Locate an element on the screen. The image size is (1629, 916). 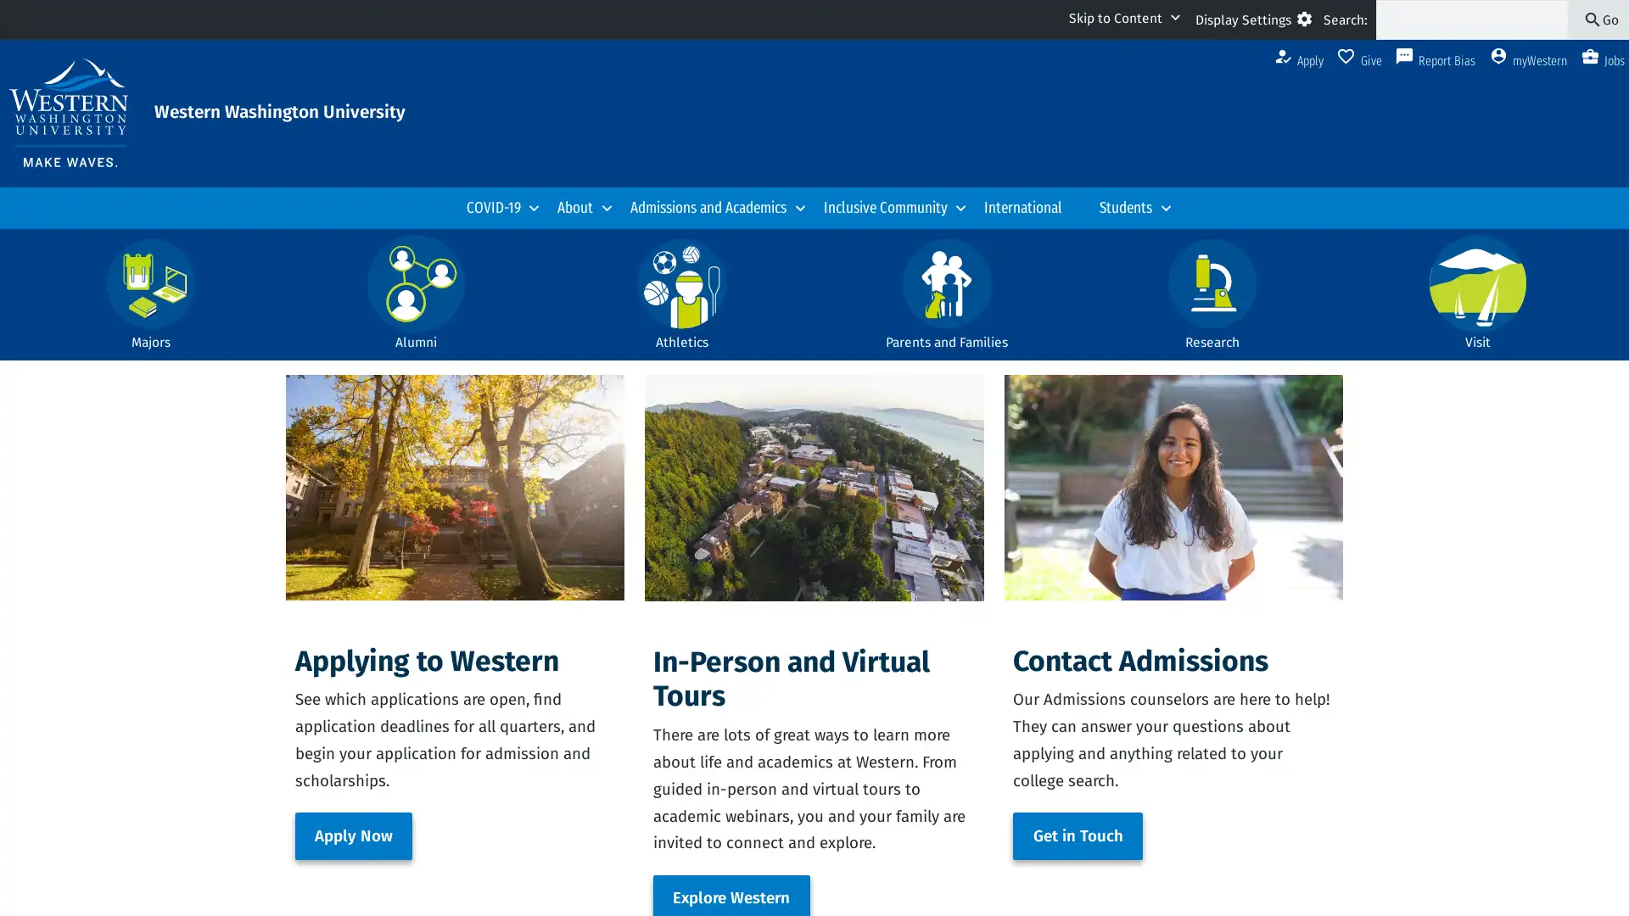
COVID-19 is located at coordinates (496, 207).